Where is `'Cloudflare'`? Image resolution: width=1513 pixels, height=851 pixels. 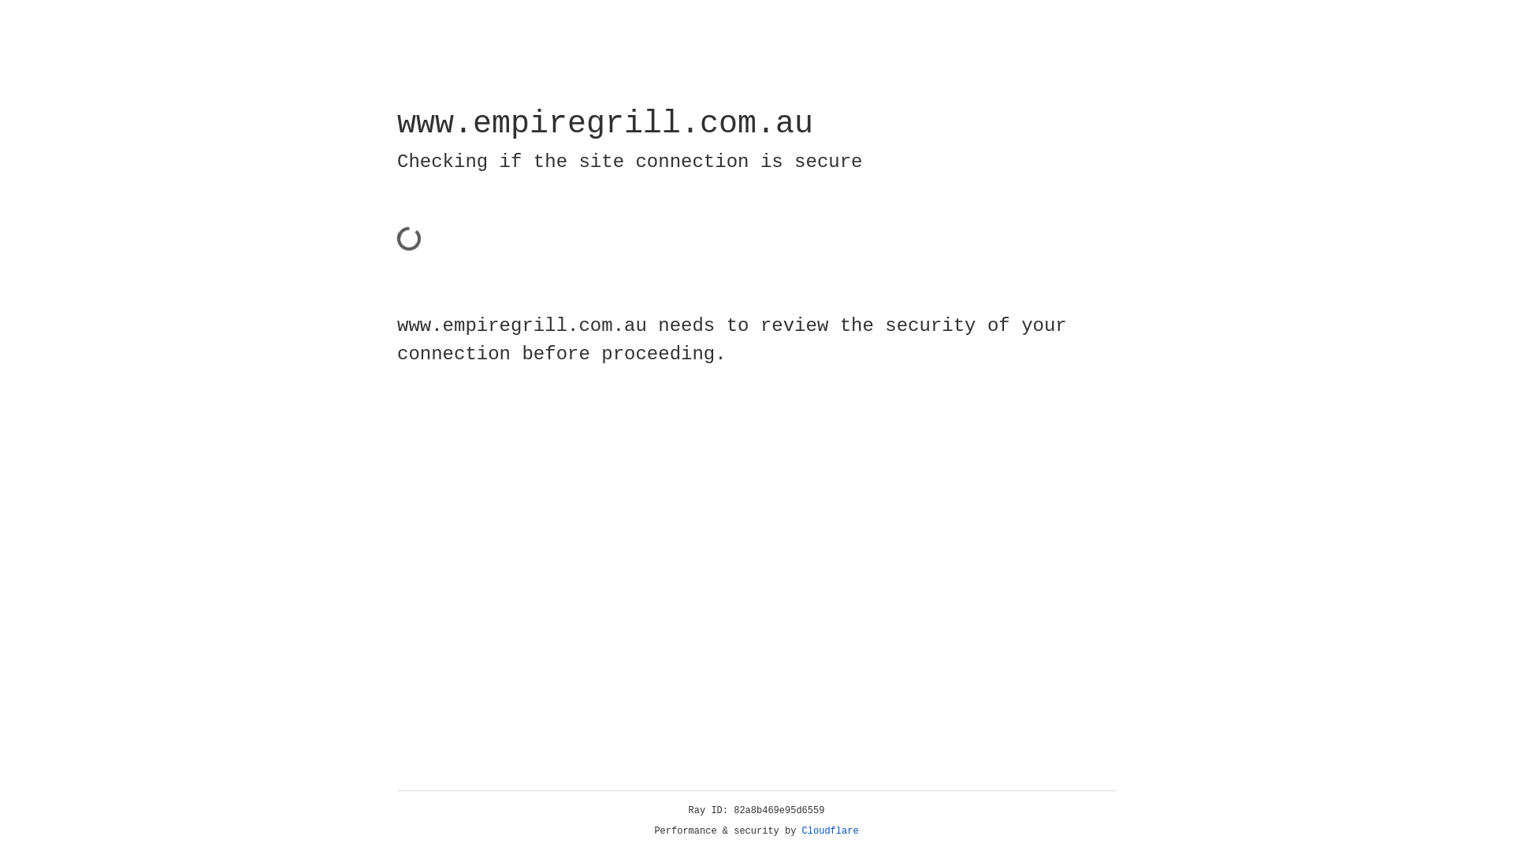 'Cloudflare' is located at coordinates (801, 831).